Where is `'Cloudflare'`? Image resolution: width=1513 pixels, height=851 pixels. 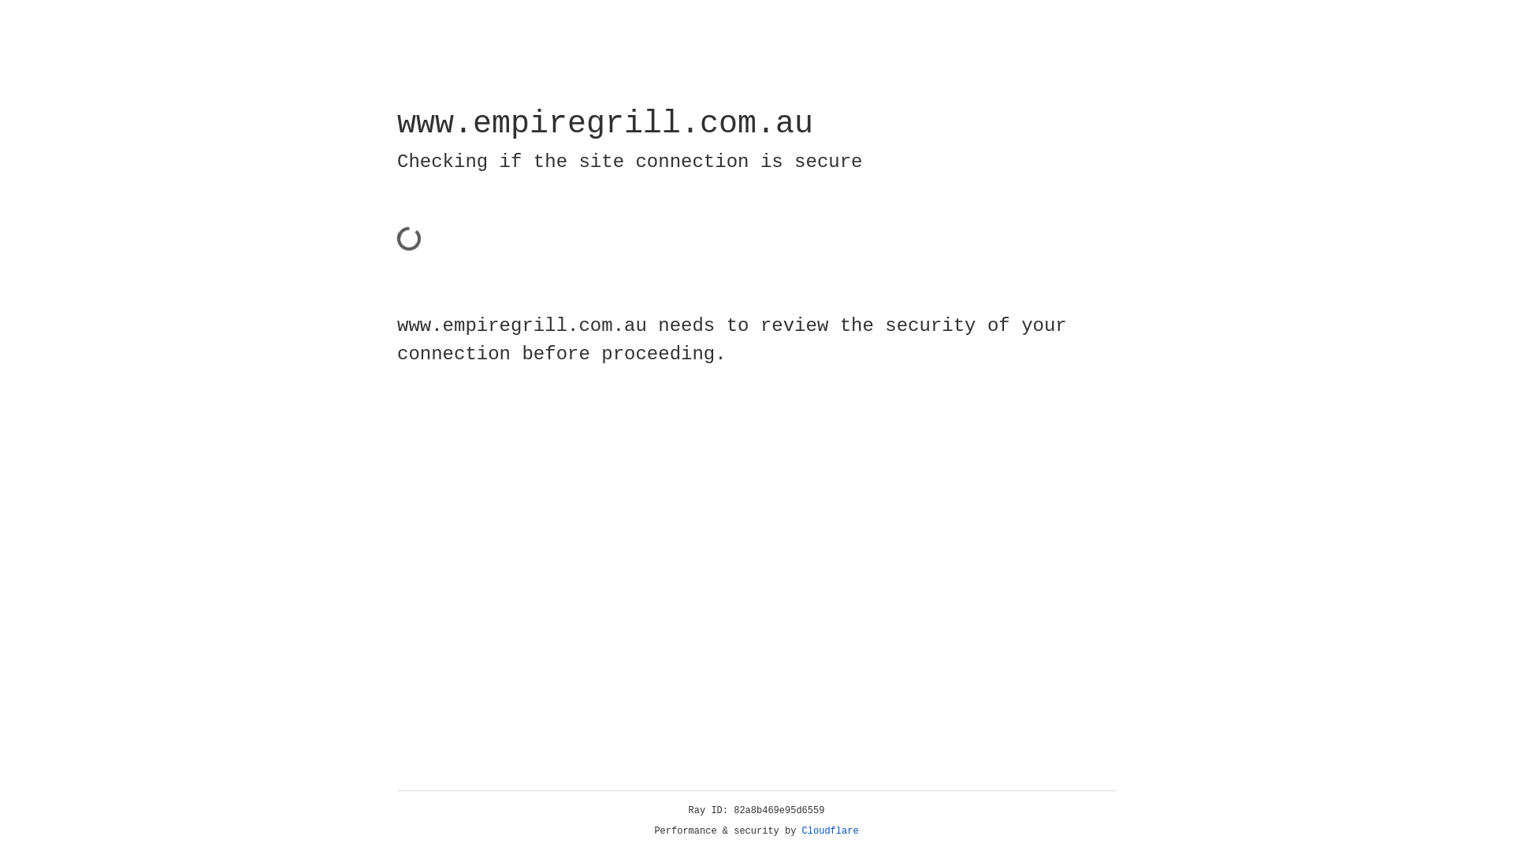 'Cloudflare' is located at coordinates (801, 831).